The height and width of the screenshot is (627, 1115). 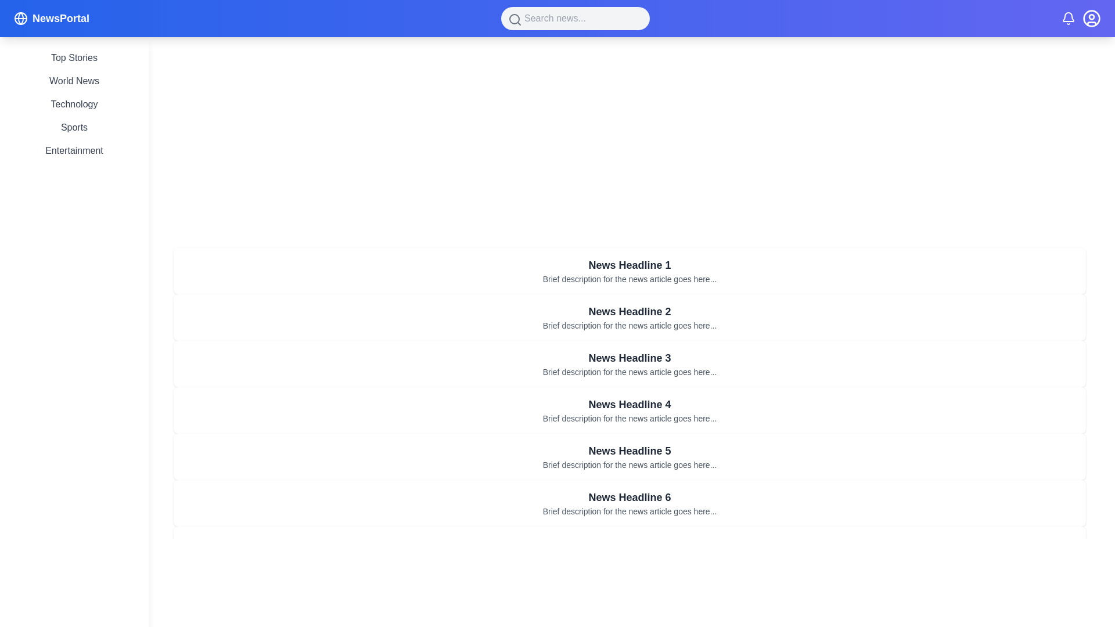 I want to click on the application logo icon located on the left side of the header section, next to the text 'NewsPortal', so click(x=20, y=18).